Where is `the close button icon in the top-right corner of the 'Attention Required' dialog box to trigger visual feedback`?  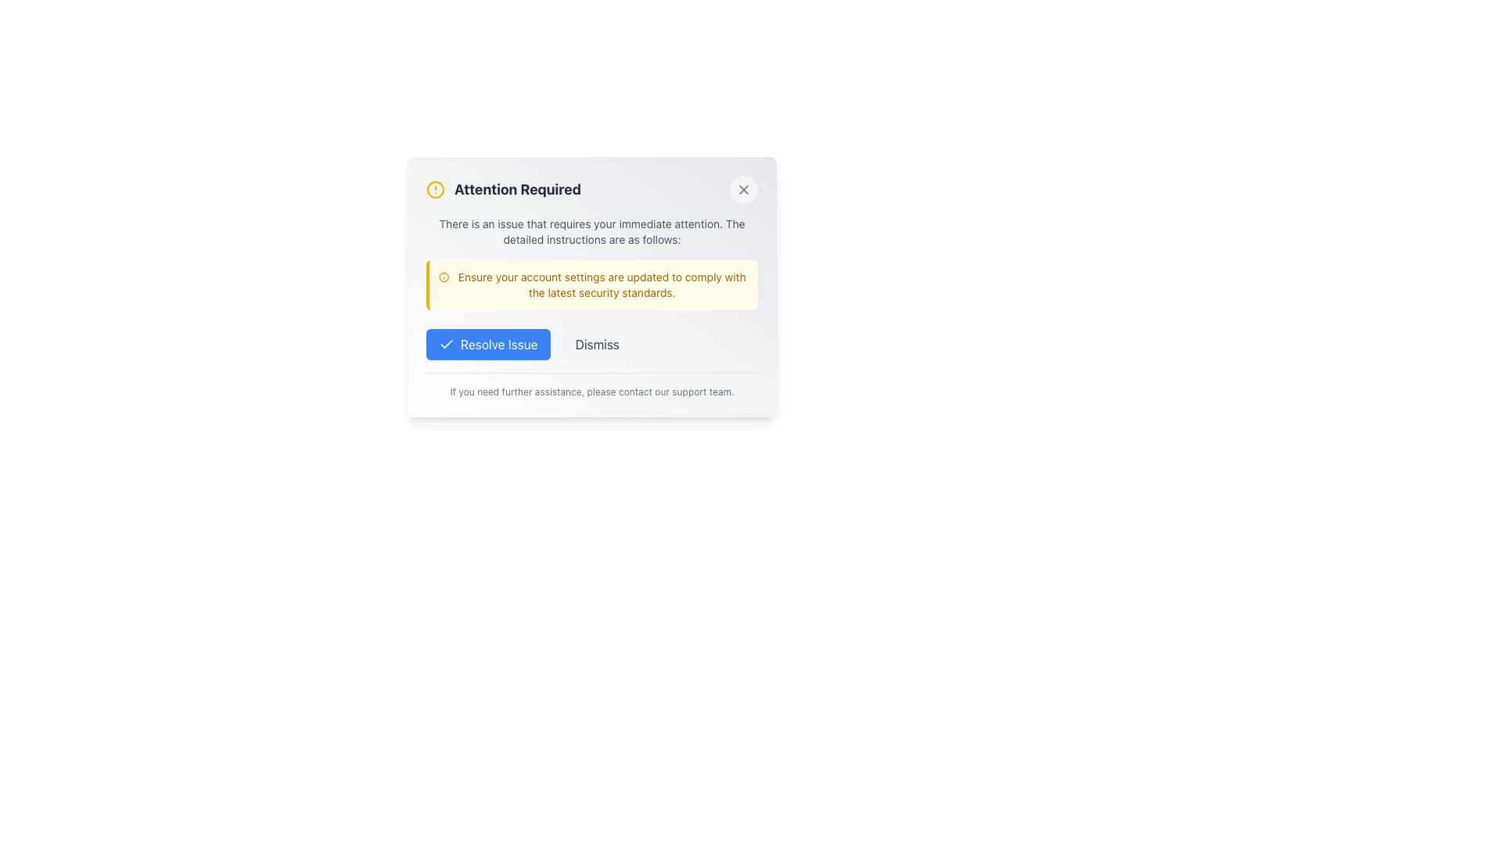 the close button icon in the top-right corner of the 'Attention Required' dialog box to trigger visual feedback is located at coordinates (742, 189).